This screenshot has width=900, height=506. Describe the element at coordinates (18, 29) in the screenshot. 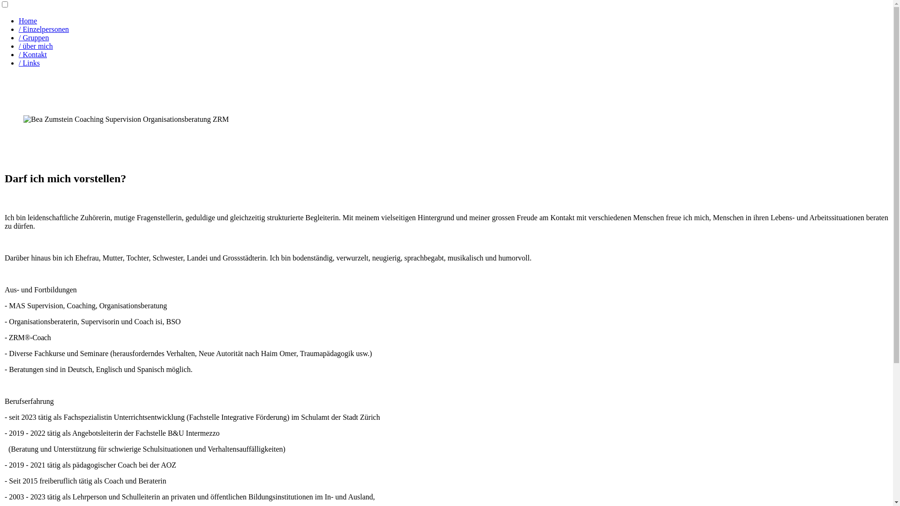

I see `'/ Einzelpersonen'` at that location.